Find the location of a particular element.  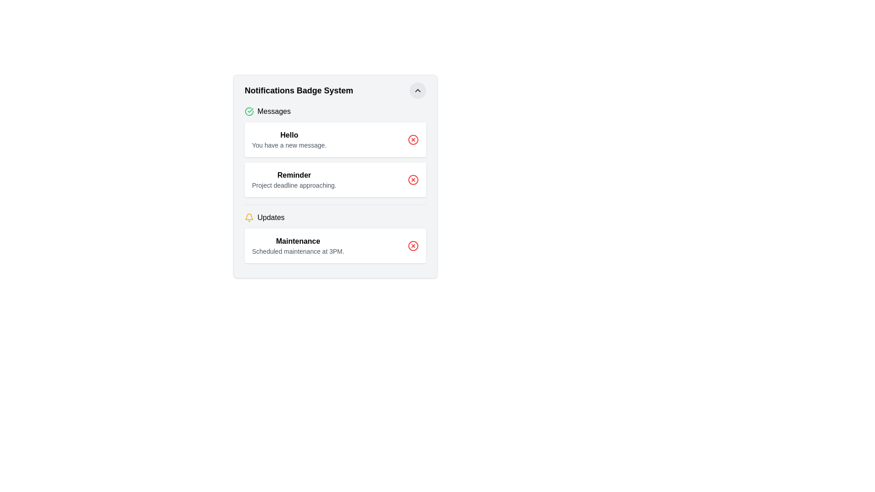

the 'Maintenance' text label, which is bold and black, located at the top of the notification card under the 'Updates' section is located at coordinates (298, 241).